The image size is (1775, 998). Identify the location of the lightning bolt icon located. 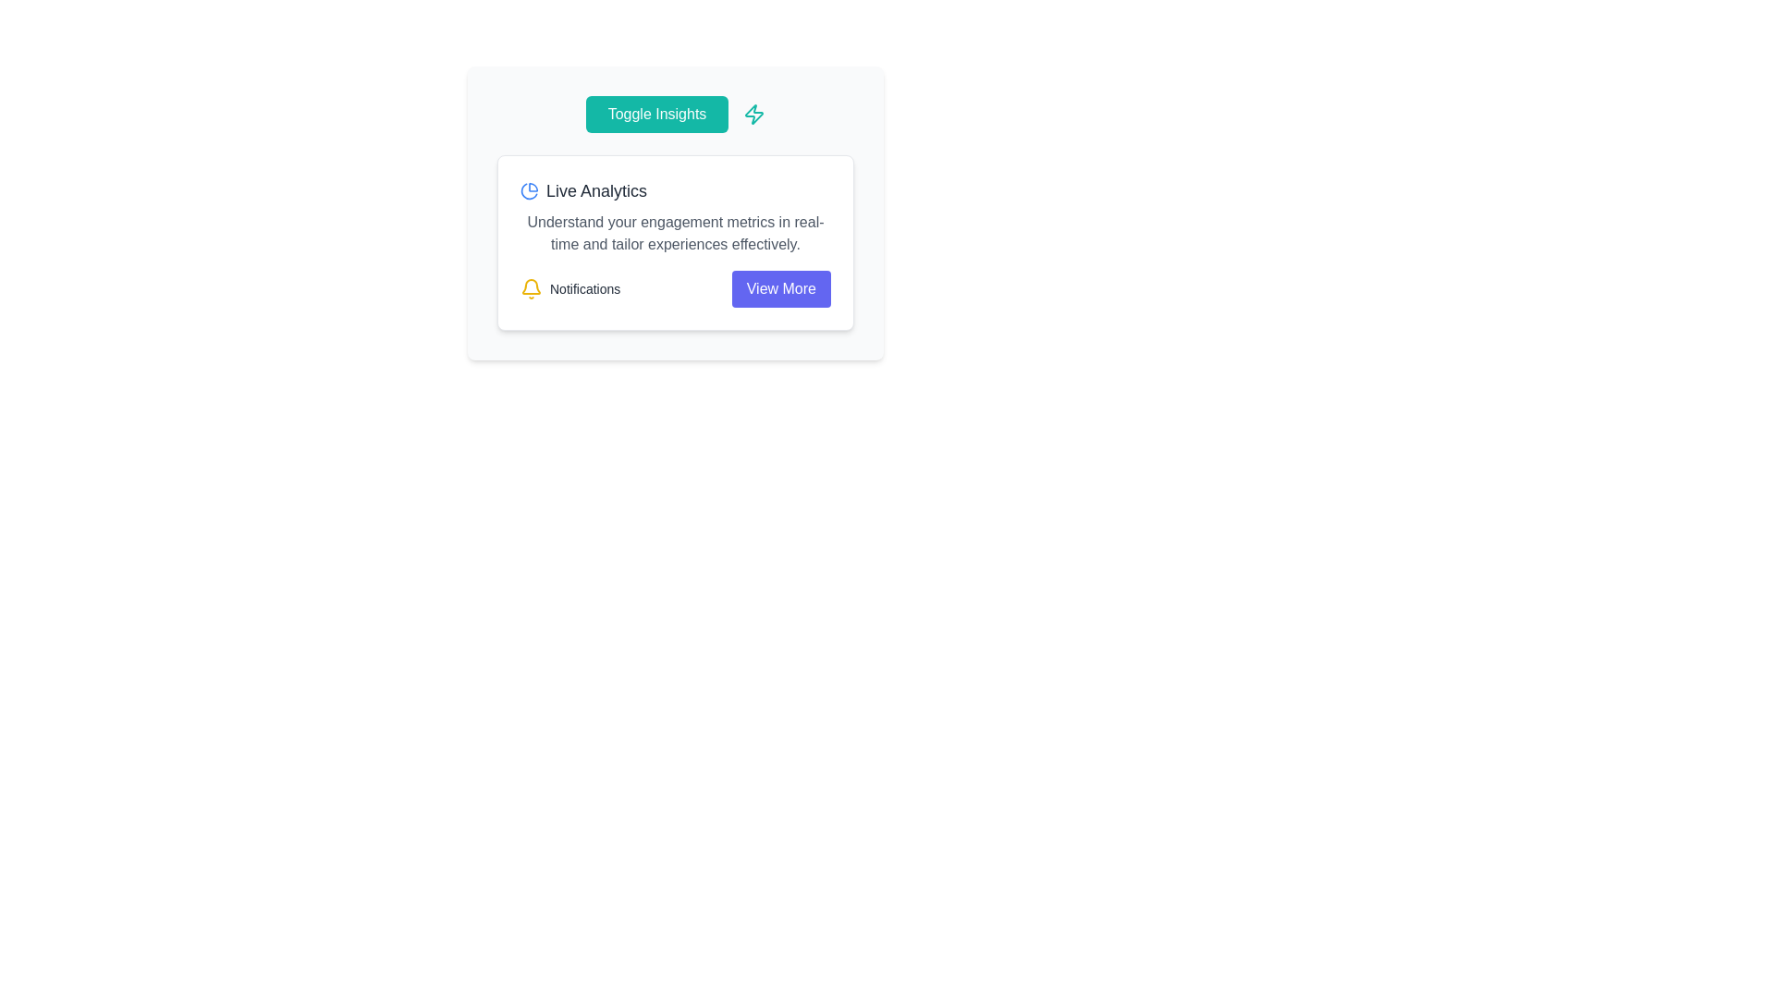
(754, 114).